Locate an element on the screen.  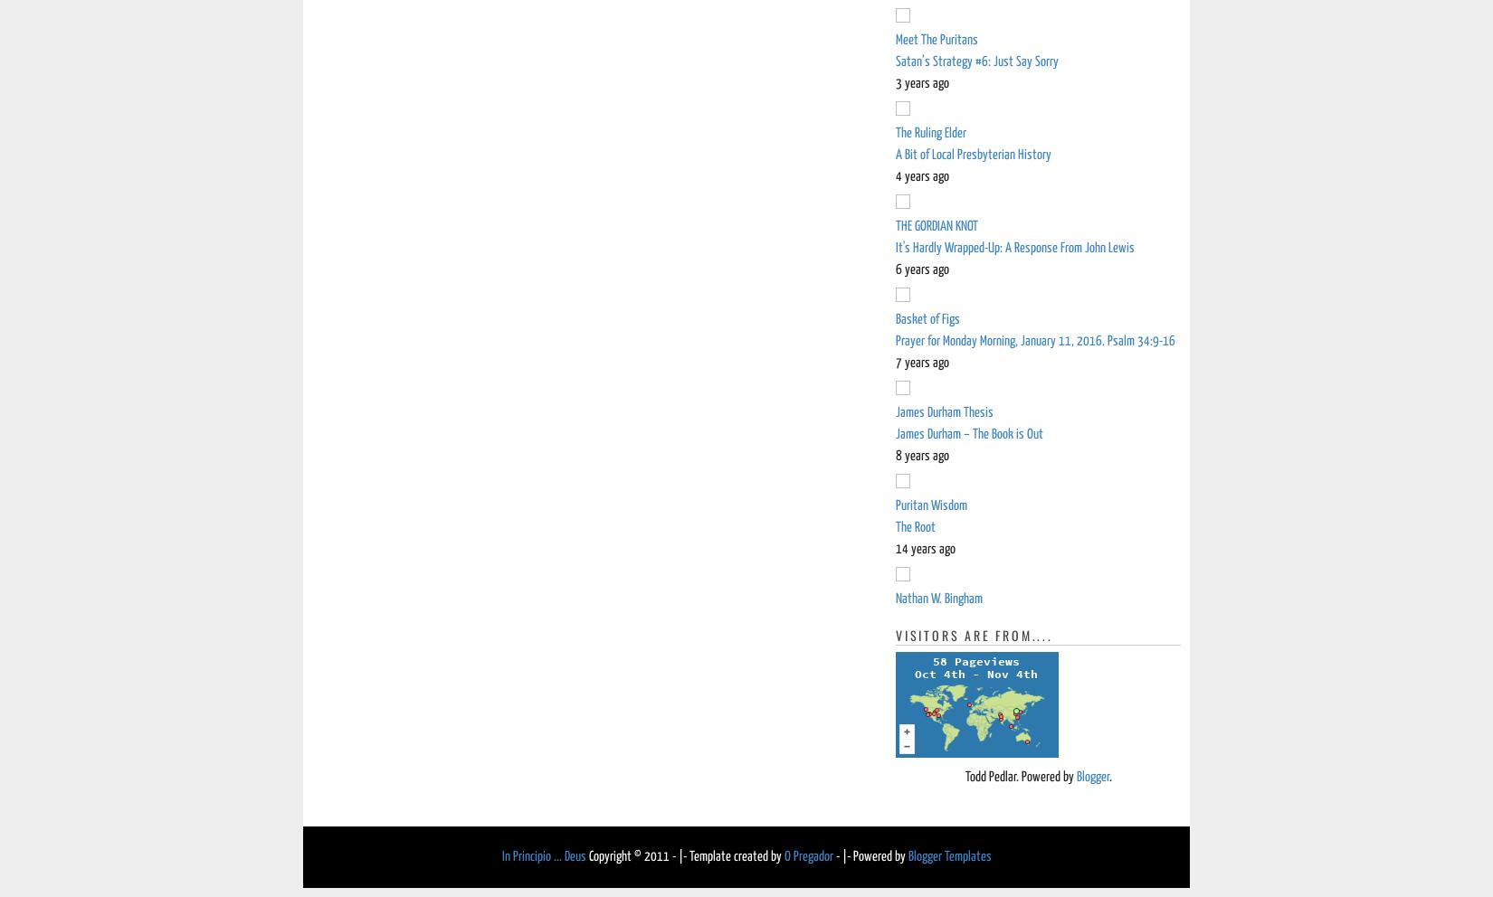
'The Ruling Elder' is located at coordinates (896, 133).